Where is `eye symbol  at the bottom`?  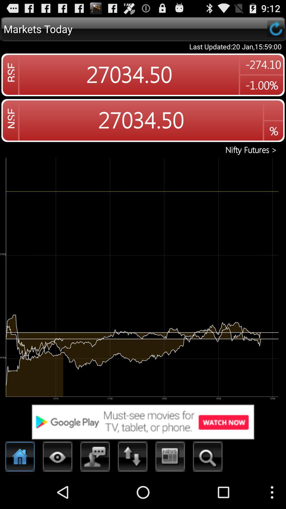
eye symbol  at the bottom is located at coordinates (58, 458).